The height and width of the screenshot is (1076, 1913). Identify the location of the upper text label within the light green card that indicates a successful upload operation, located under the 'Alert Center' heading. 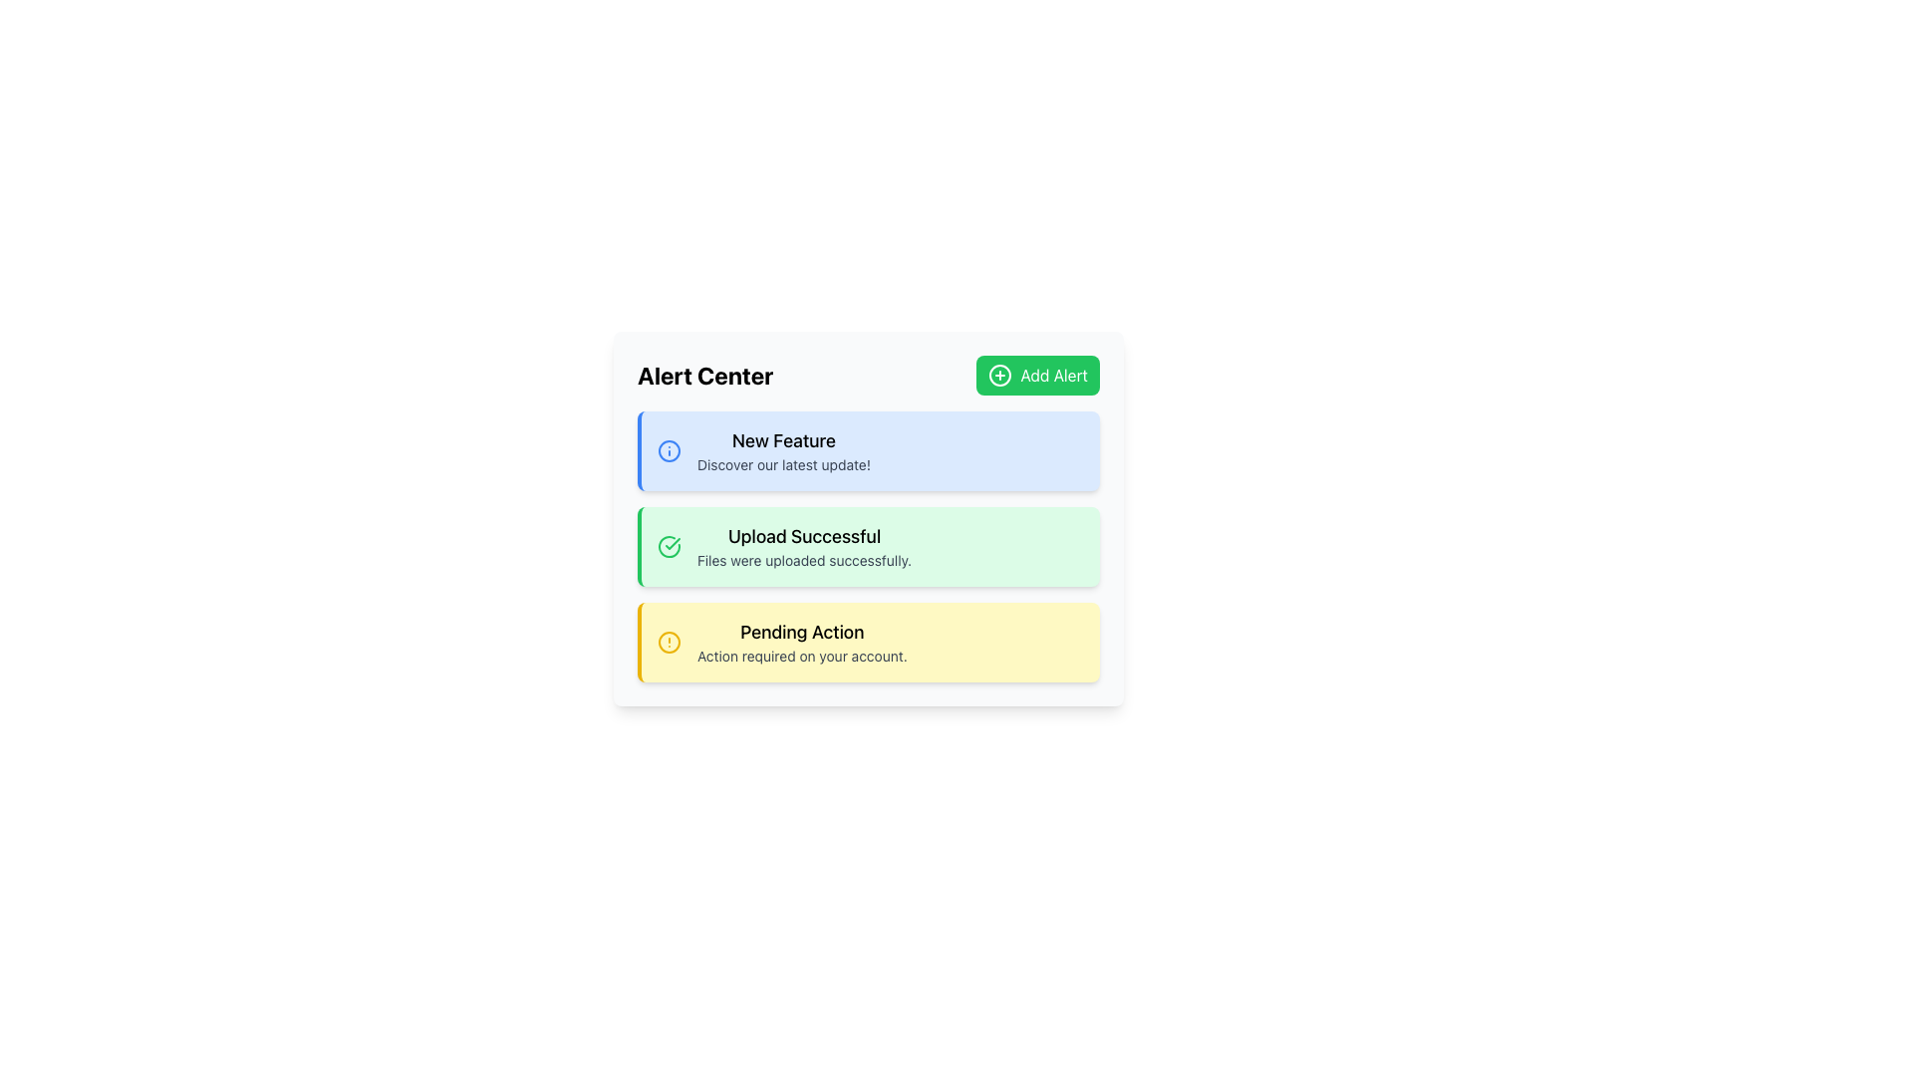
(804, 536).